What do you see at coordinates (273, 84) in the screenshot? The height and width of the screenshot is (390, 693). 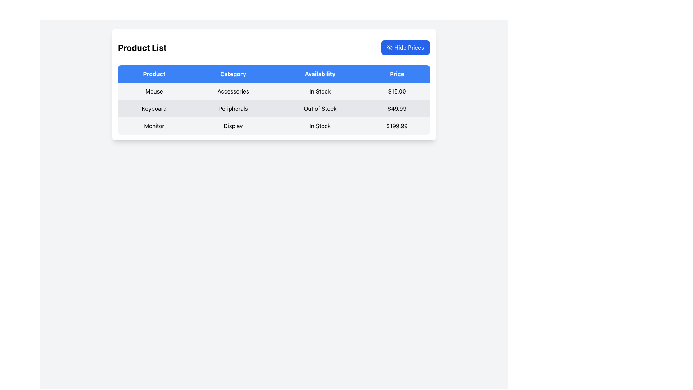 I see `the rows of the centrally located Data Table with a white background and blue headers for potential interaction` at bounding box center [273, 84].